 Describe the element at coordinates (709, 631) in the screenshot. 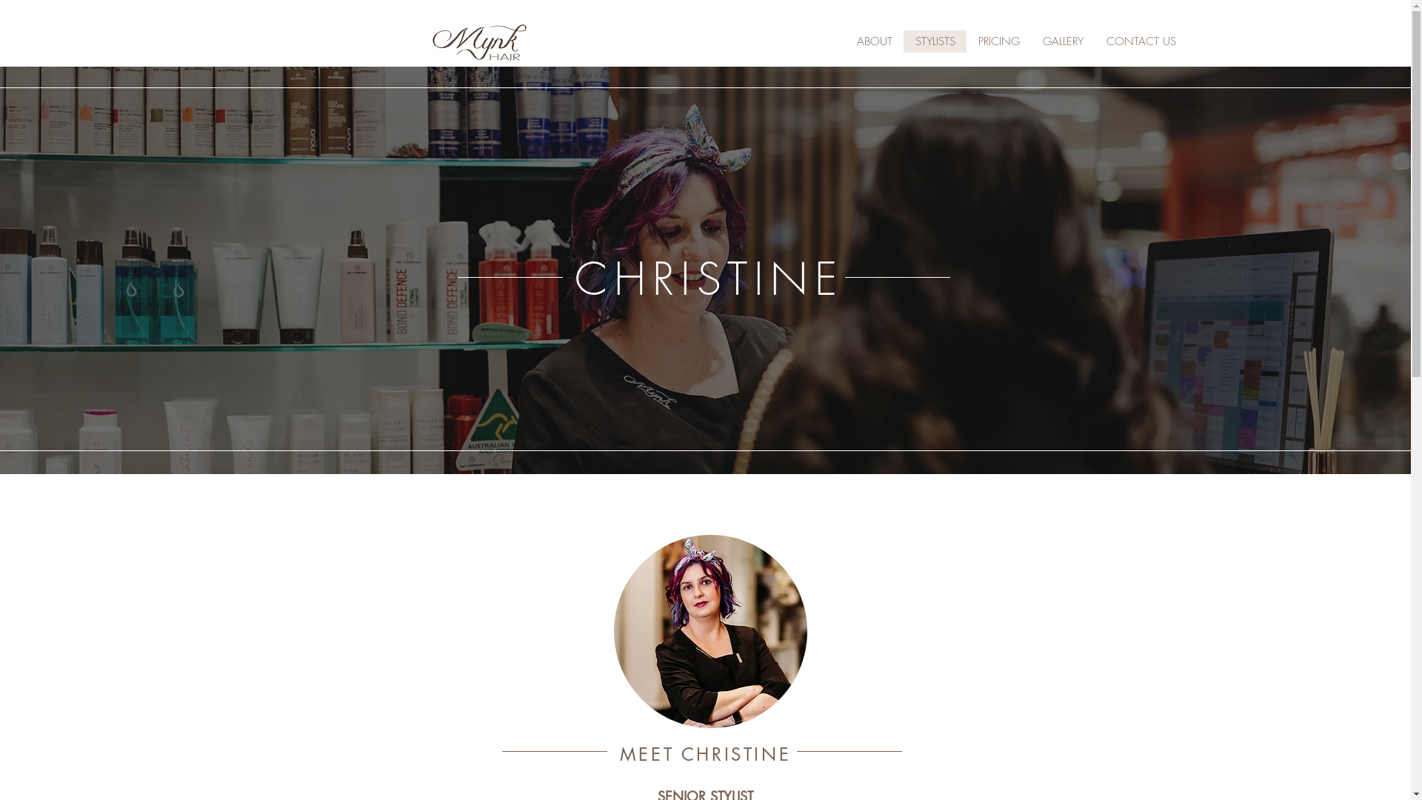

I see `'IMG_7227.jpg'` at that location.